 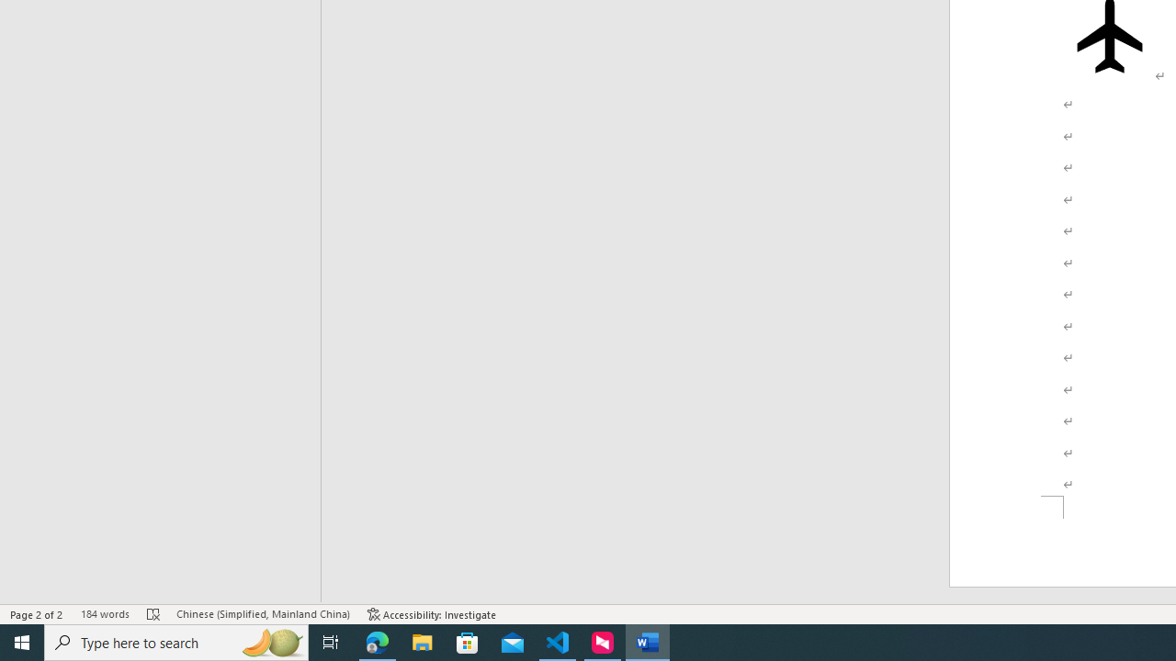 What do you see at coordinates (37, 614) in the screenshot?
I see `'Page Number Page 2 of 2'` at bounding box center [37, 614].